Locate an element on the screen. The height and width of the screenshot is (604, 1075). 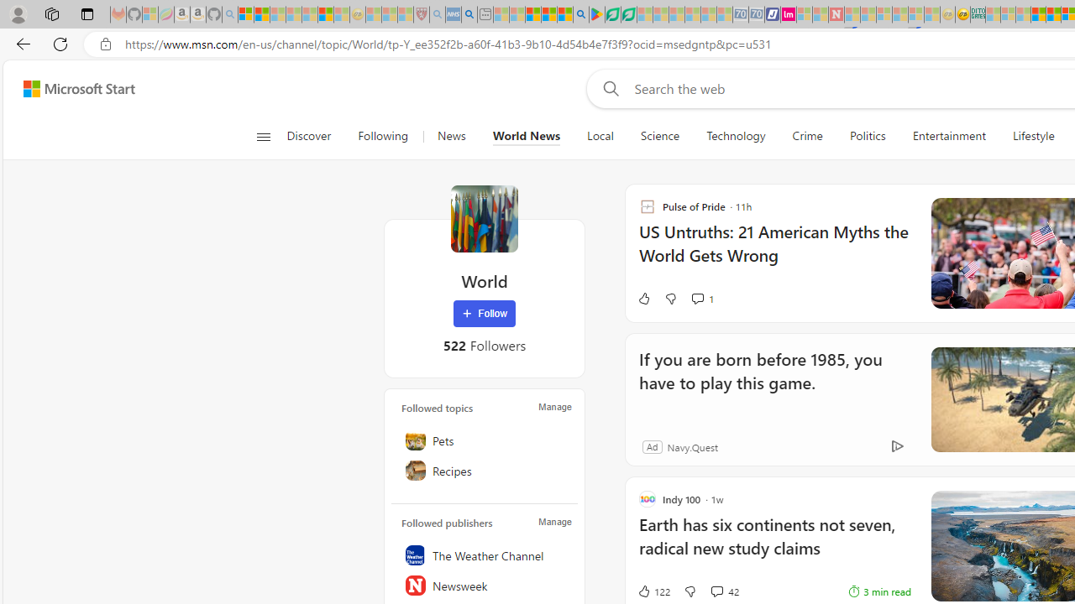
'122 Like' is located at coordinates (653, 590).